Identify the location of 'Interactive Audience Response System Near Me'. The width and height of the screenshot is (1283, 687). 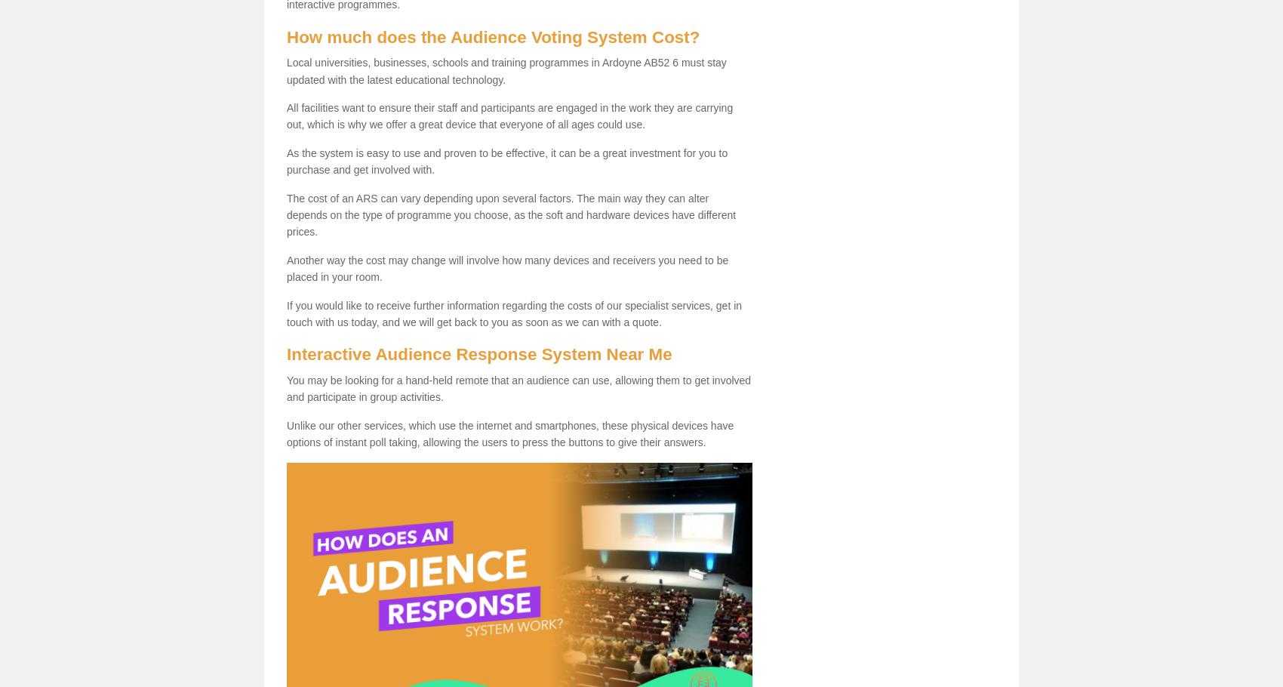
(478, 353).